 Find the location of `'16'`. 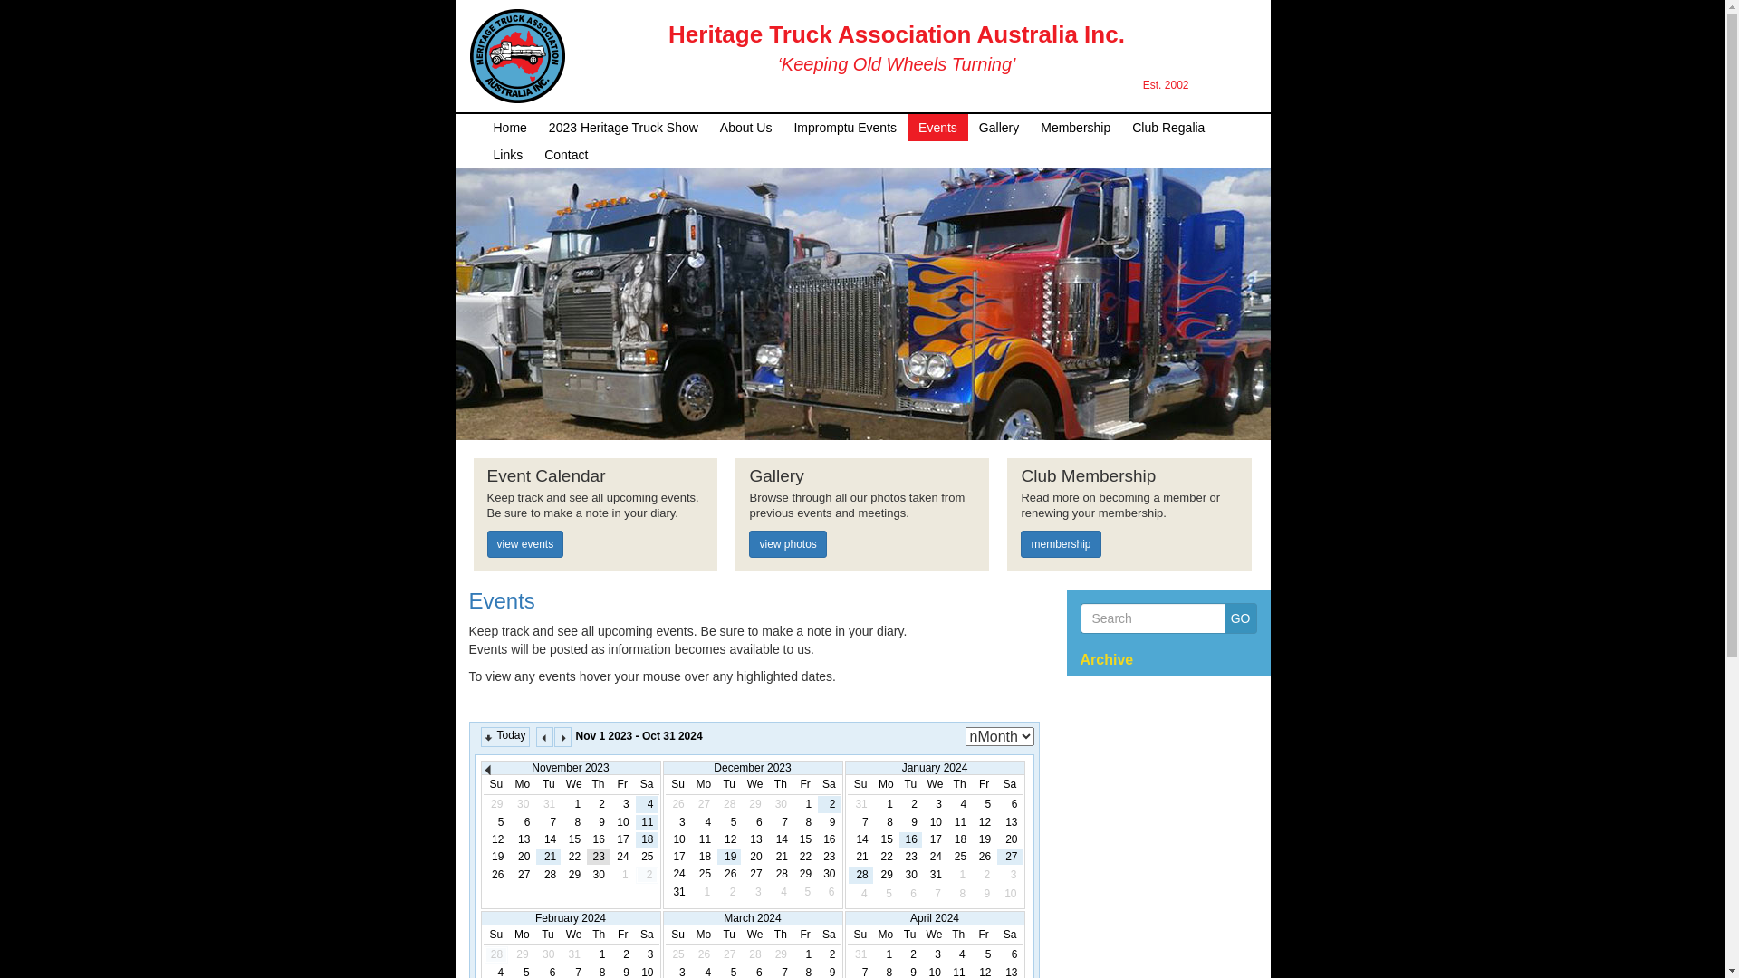

'16' is located at coordinates (598, 839).